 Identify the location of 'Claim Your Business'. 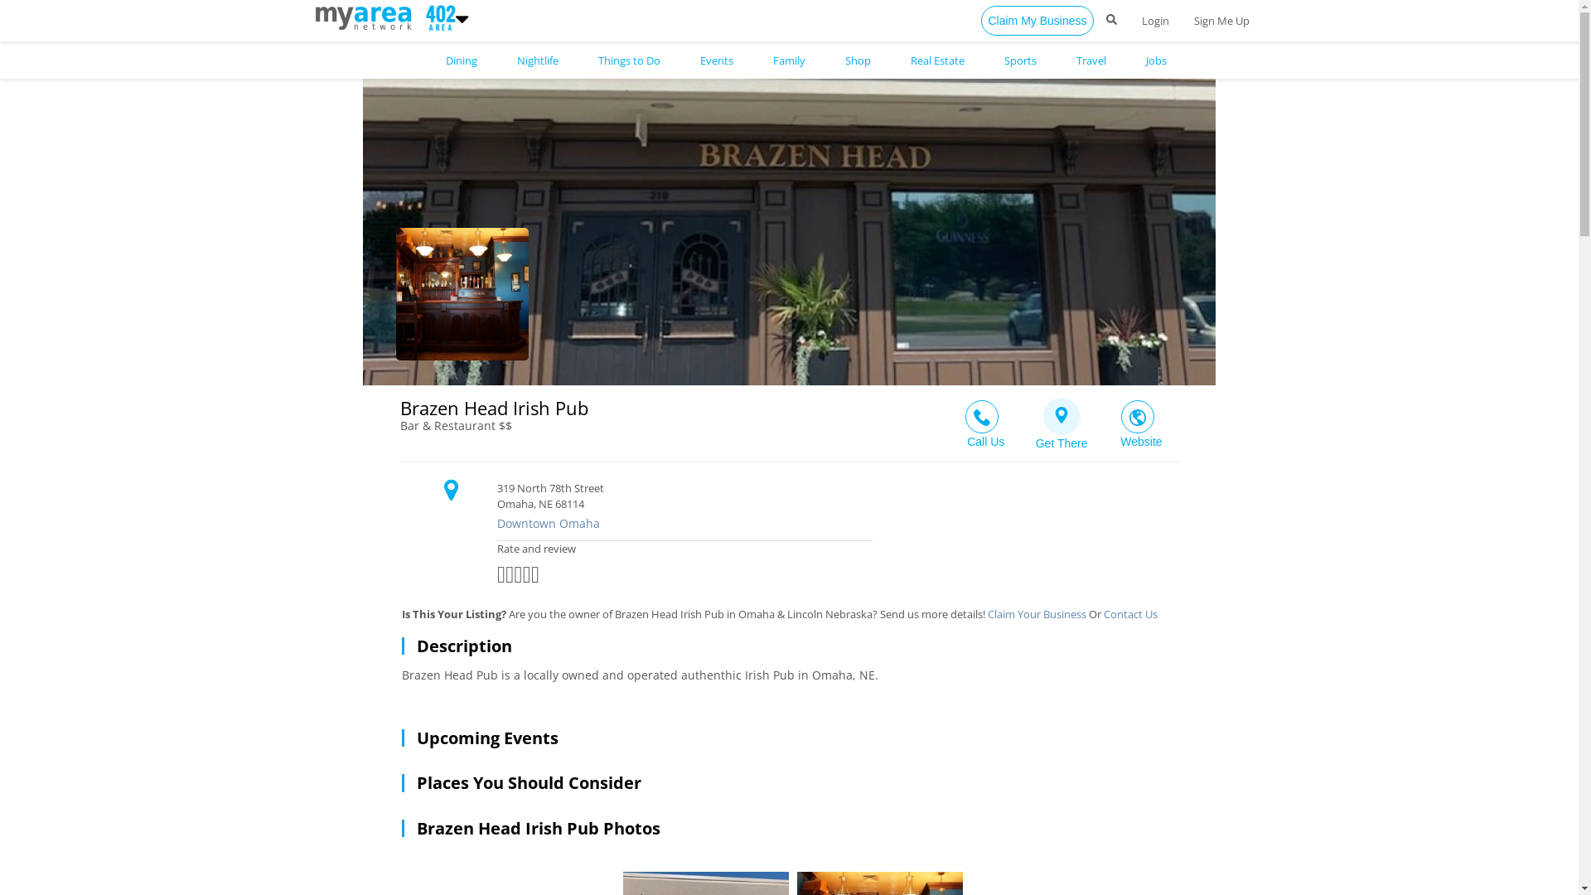
(1036, 613).